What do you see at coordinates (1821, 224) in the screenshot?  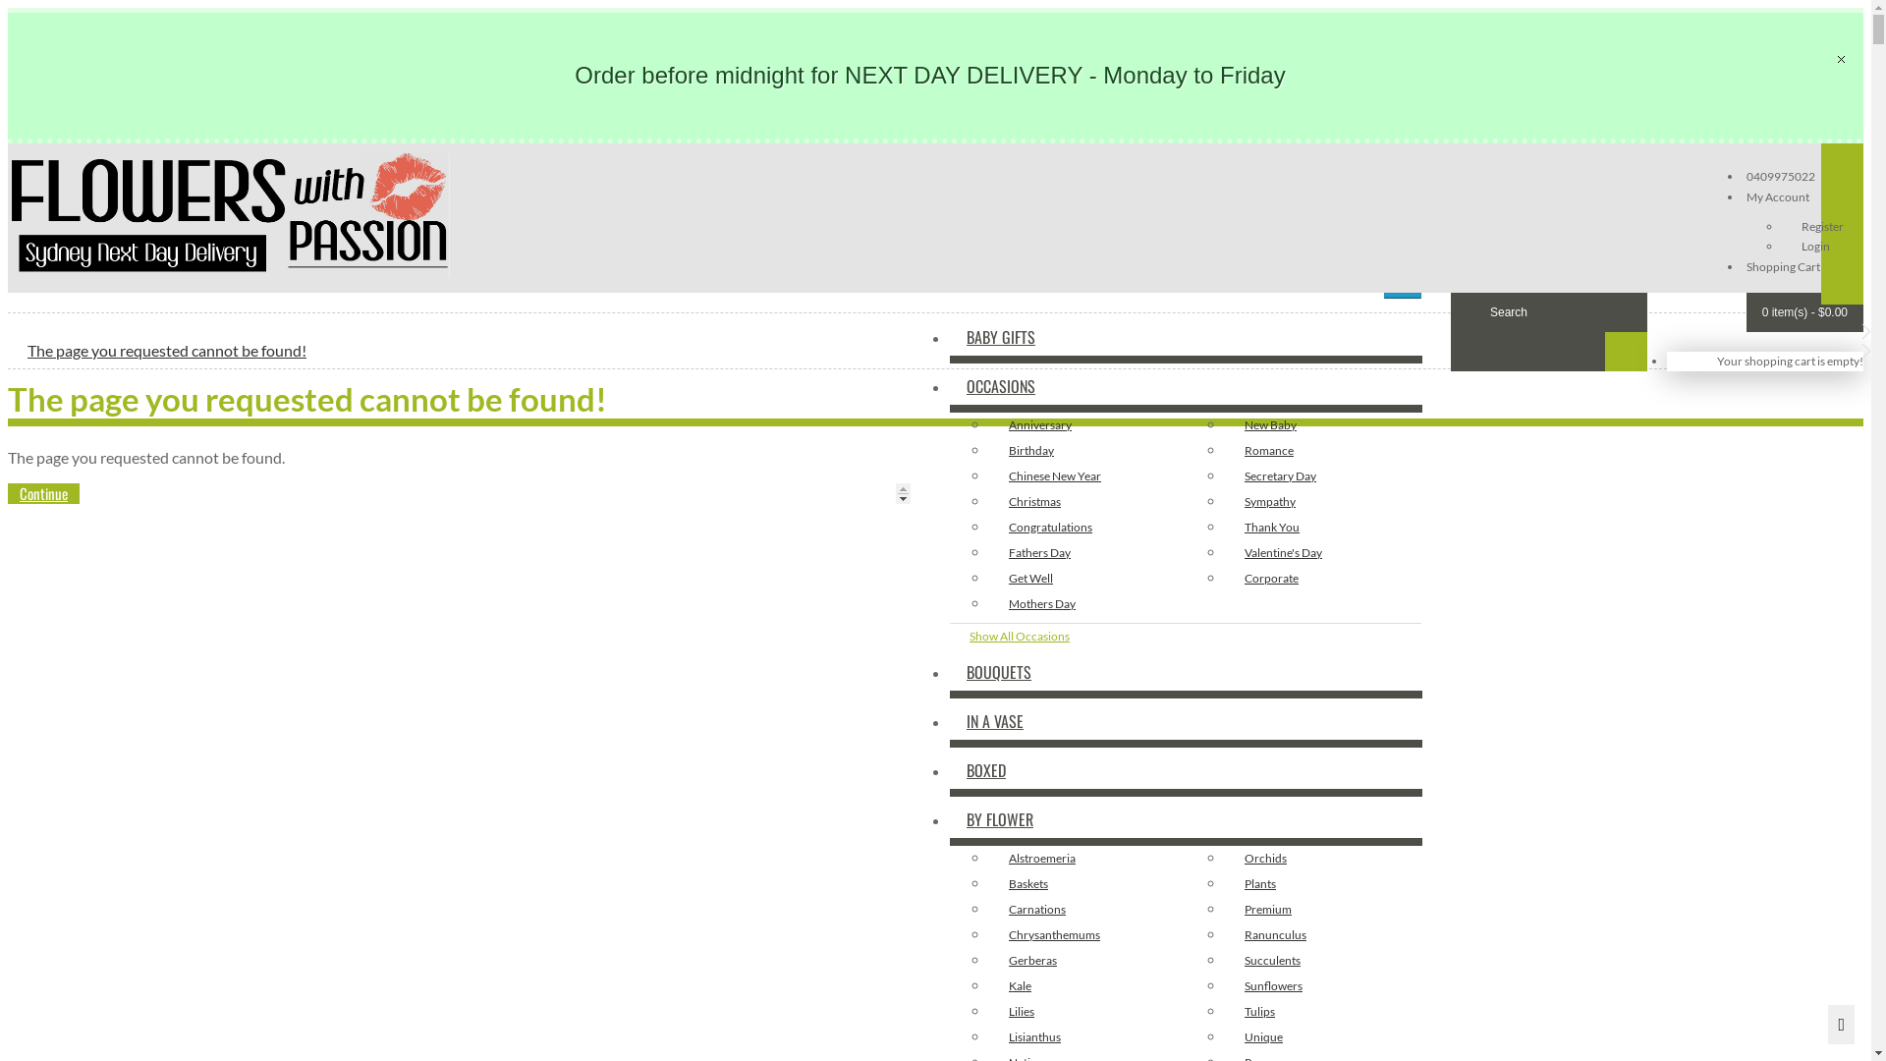 I see `'Register'` at bounding box center [1821, 224].